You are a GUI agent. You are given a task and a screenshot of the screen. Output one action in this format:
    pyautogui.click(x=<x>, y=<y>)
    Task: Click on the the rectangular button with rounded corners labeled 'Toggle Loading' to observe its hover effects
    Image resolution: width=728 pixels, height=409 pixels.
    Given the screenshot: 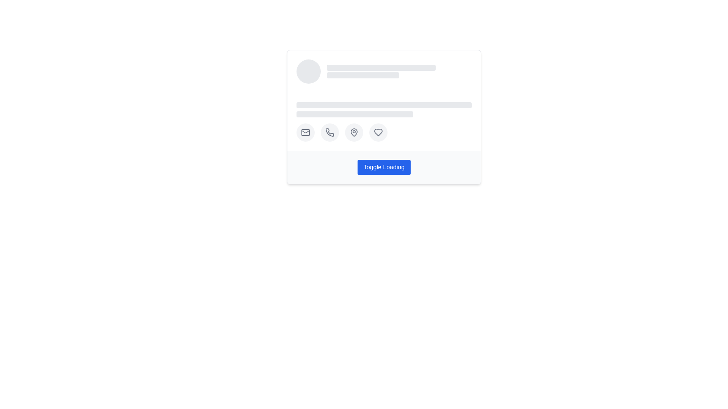 What is the action you would take?
    pyautogui.click(x=384, y=167)
    